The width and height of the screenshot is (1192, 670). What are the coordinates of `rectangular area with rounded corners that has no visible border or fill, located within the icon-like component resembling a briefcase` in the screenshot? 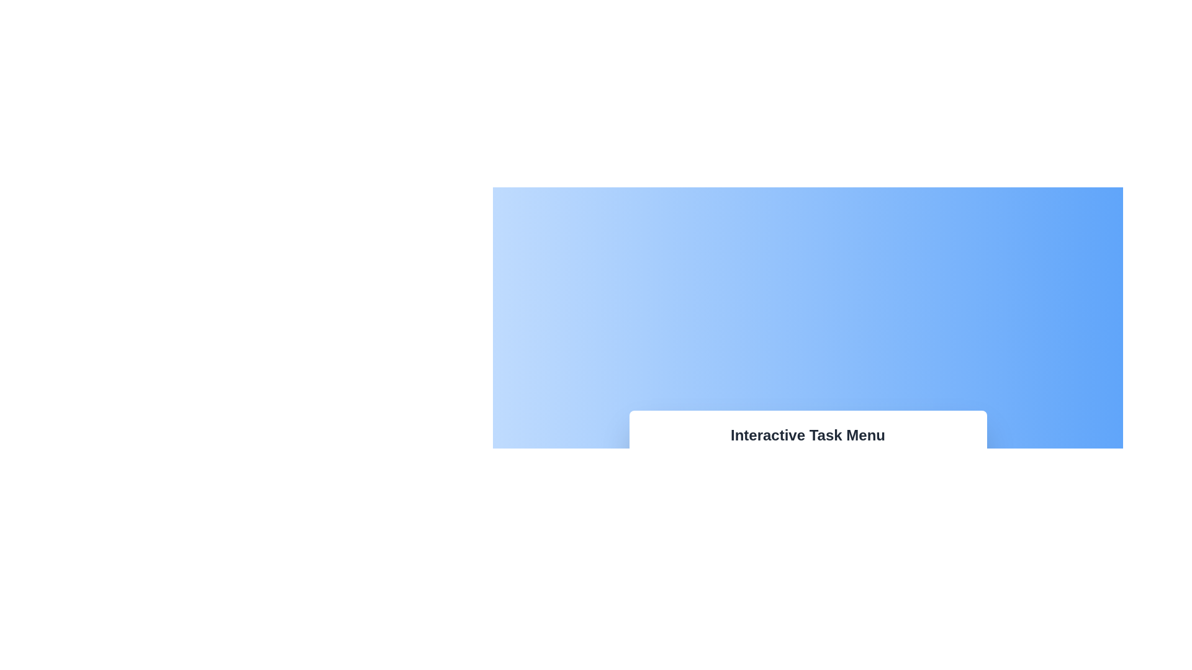 It's located at (661, 475).